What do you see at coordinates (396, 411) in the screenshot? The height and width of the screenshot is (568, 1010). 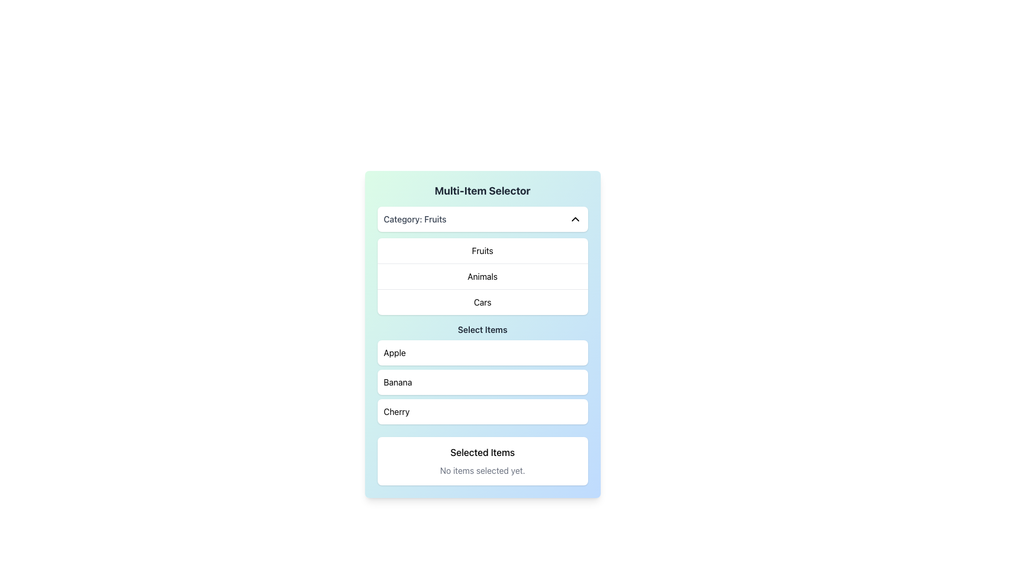 I see `the text label displaying 'Cherry'` at bounding box center [396, 411].